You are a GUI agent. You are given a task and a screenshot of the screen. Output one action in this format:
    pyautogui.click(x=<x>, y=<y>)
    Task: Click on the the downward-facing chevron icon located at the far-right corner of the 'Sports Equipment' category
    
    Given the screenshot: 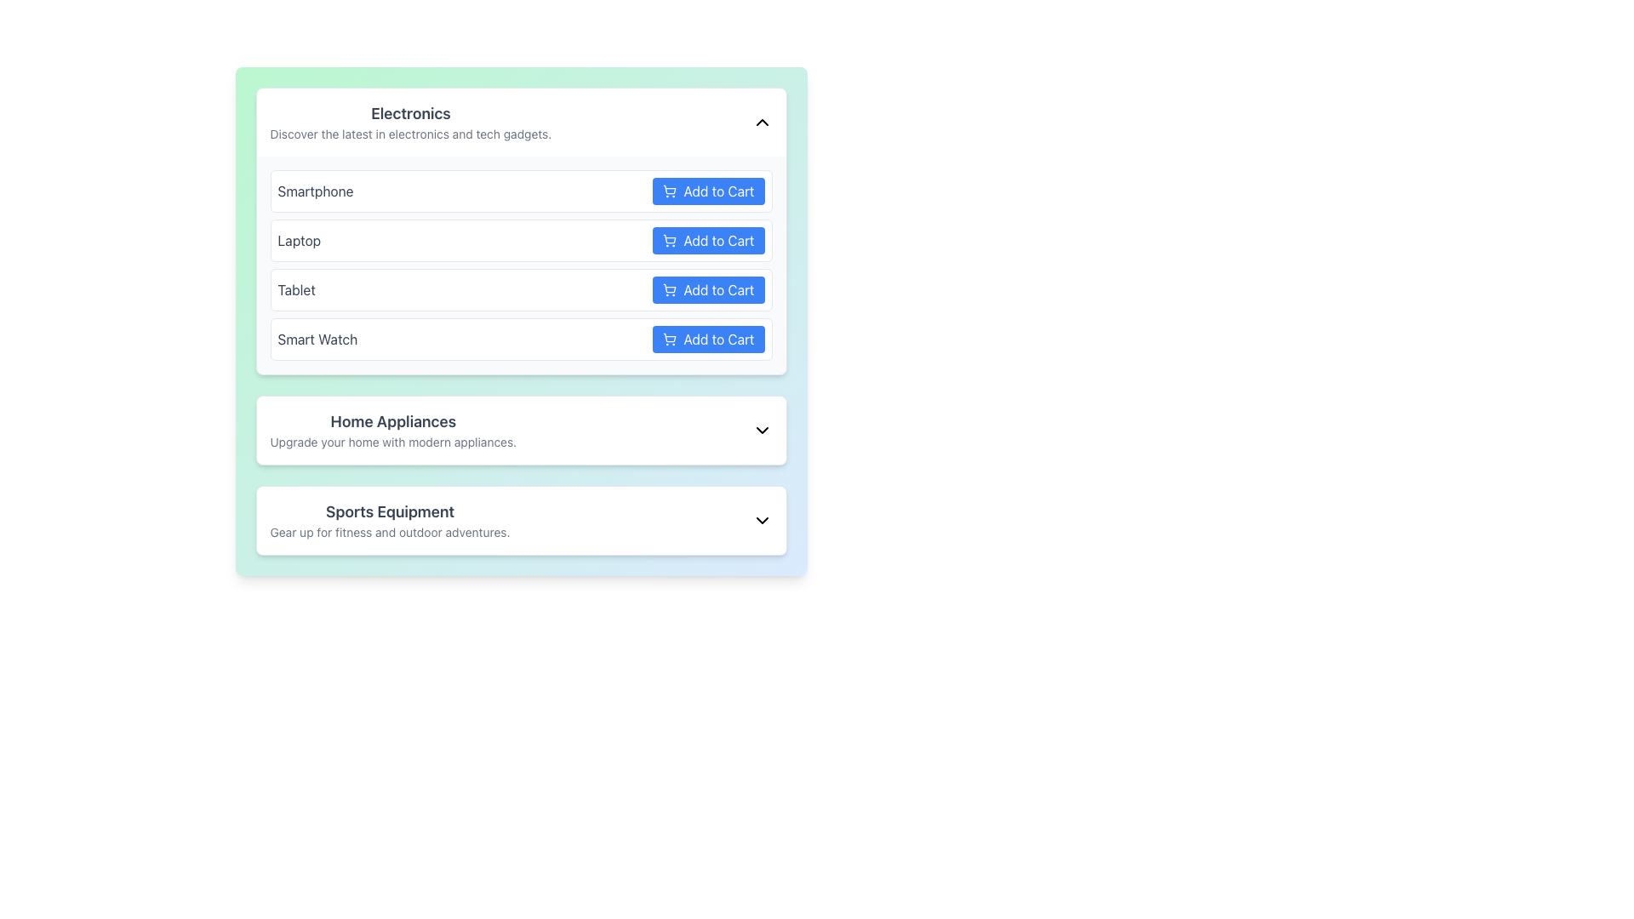 What is the action you would take?
    pyautogui.click(x=761, y=520)
    